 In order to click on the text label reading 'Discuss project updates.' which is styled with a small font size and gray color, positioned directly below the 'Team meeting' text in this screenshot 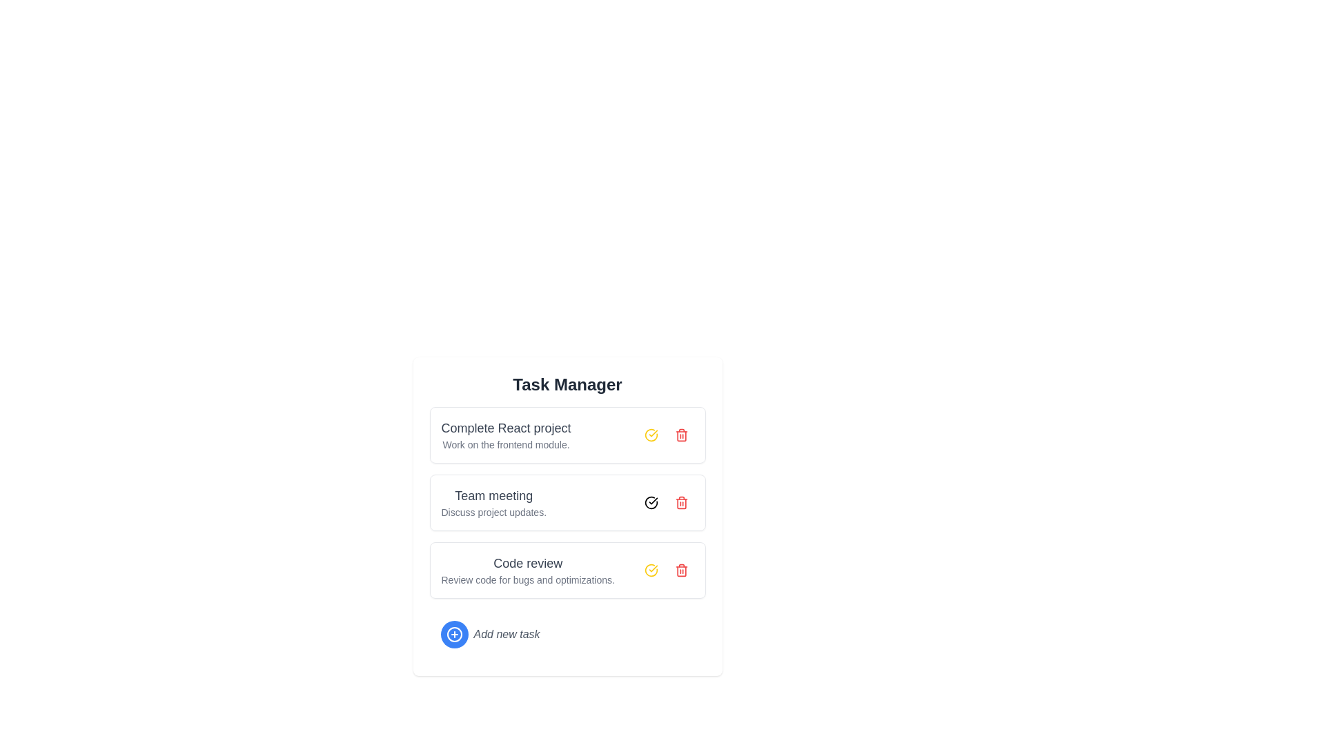, I will do `click(493, 513)`.